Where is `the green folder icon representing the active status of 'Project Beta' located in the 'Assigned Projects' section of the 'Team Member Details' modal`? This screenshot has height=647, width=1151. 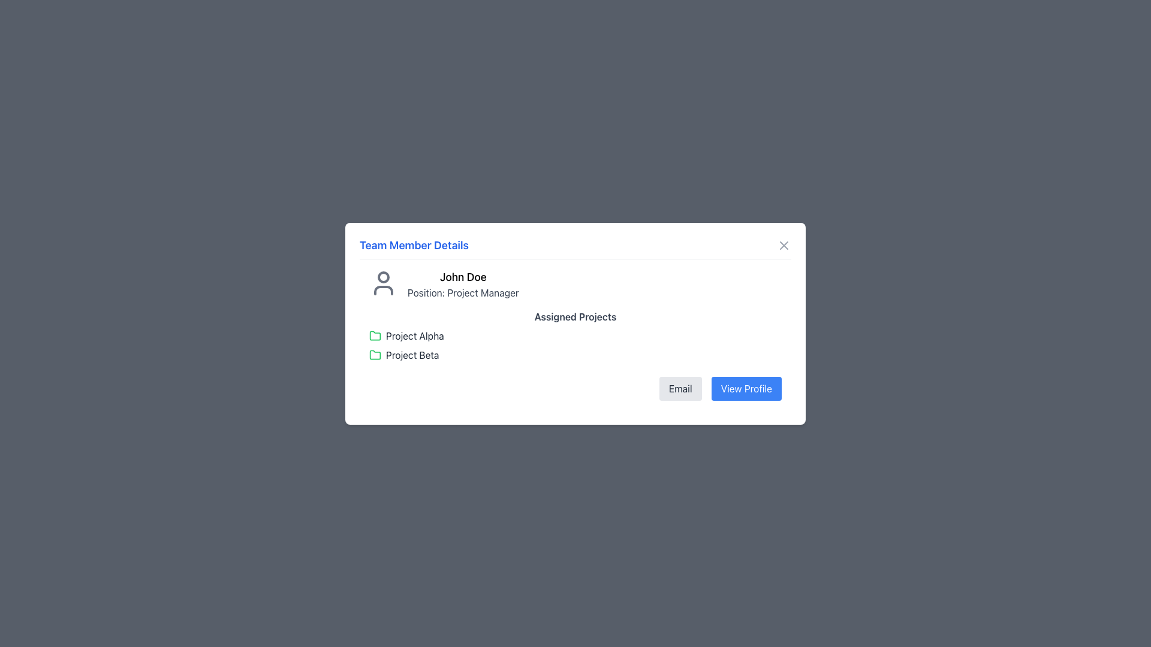
the green folder icon representing the active status of 'Project Beta' located in the 'Assigned Projects' section of the 'Team Member Details' modal is located at coordinates (374, 353).